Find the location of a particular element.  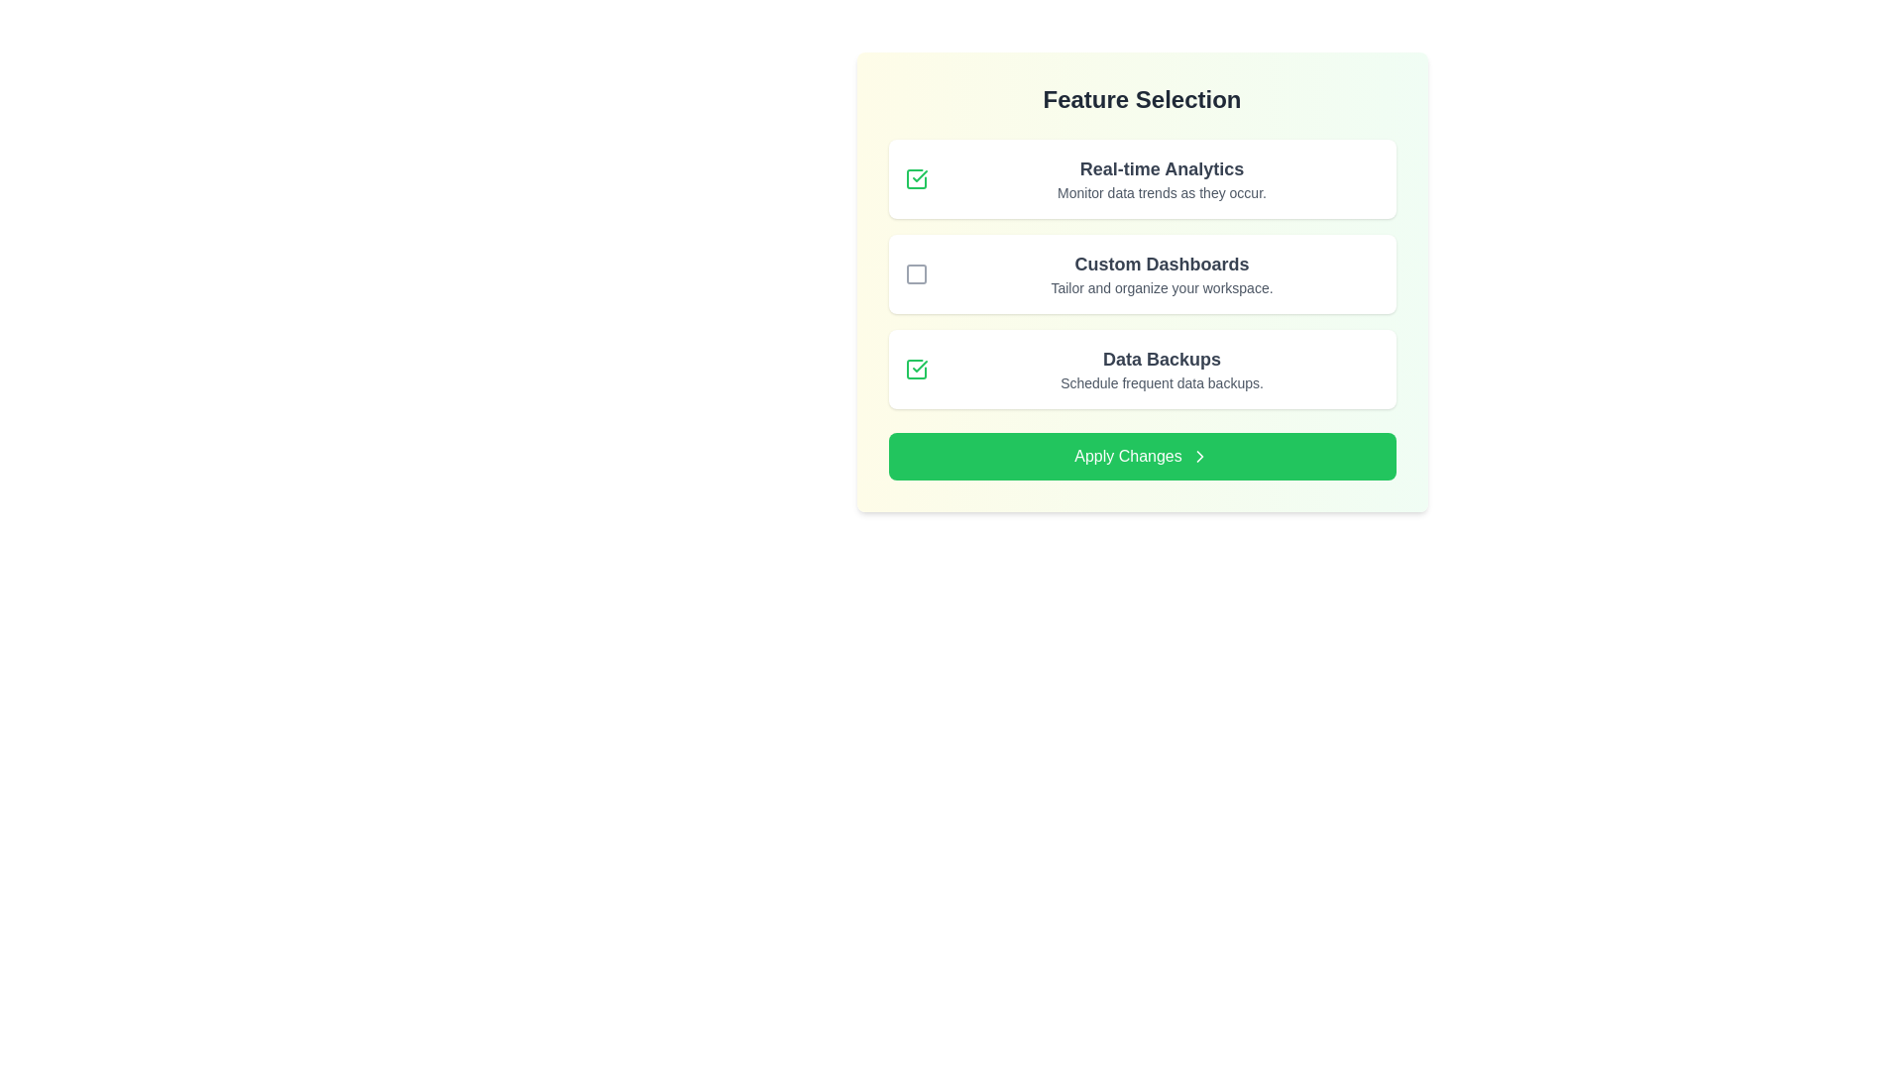

the icon within the green 'Apply Changes' button is located at coordinates (1198, 457).